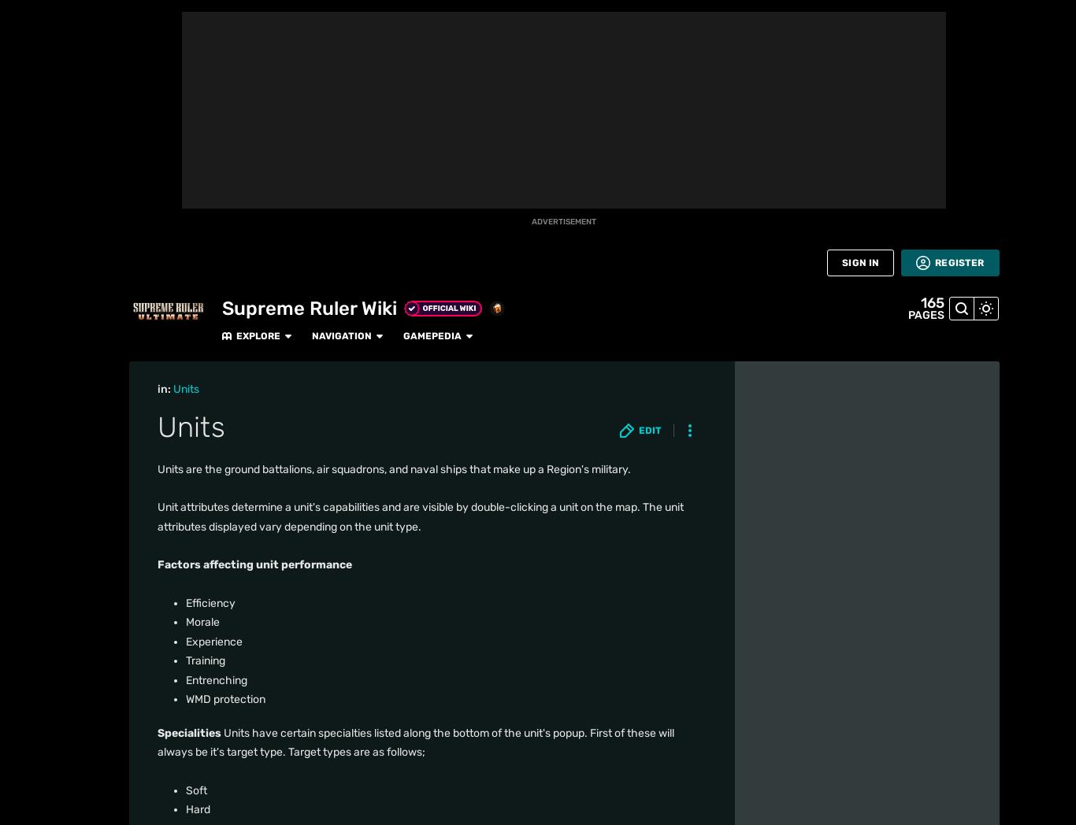 This screenshot has height=825, width=1076. Describe the element at coordinates (26, 150) in the screenshot. I see `'Fan Central'` at that location.